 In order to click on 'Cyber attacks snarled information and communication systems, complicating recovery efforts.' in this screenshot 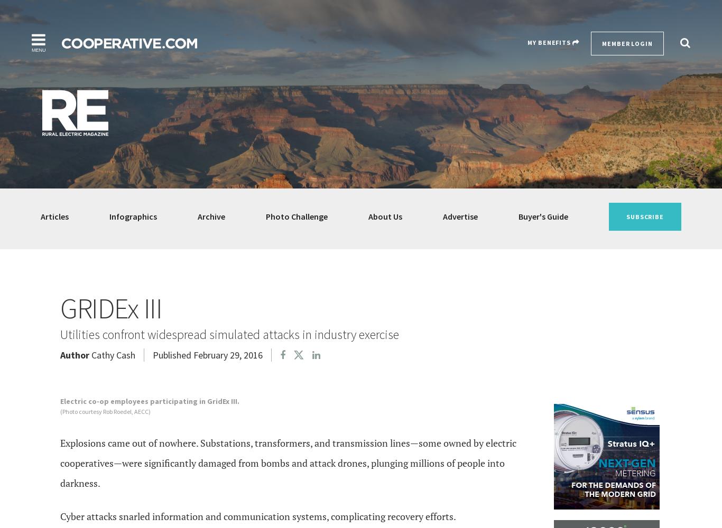, I will do `click(258, 515)`.